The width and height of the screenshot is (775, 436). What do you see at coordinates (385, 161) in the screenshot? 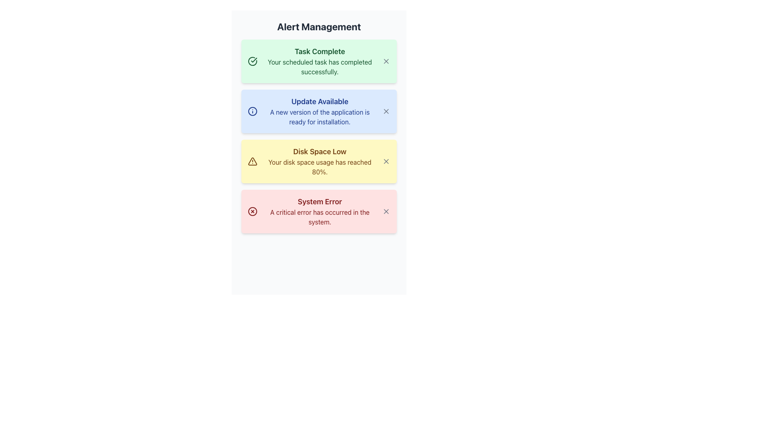
I see `the Close Button located inside the yellow notification box` at bounding box center [385, 161].